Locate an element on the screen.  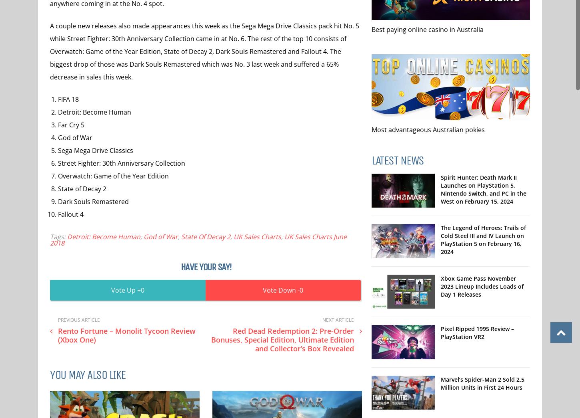
'Overwatch: Game of the Year Edition' is located at coordinates (113, 176).